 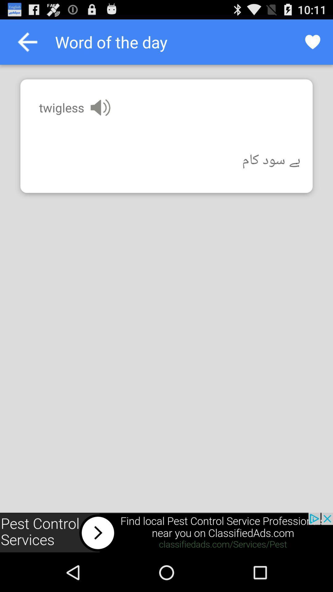 What do you see at coordinates (313, 42) in the screenshot?
I see `rating` at bounding box center [313, 42].